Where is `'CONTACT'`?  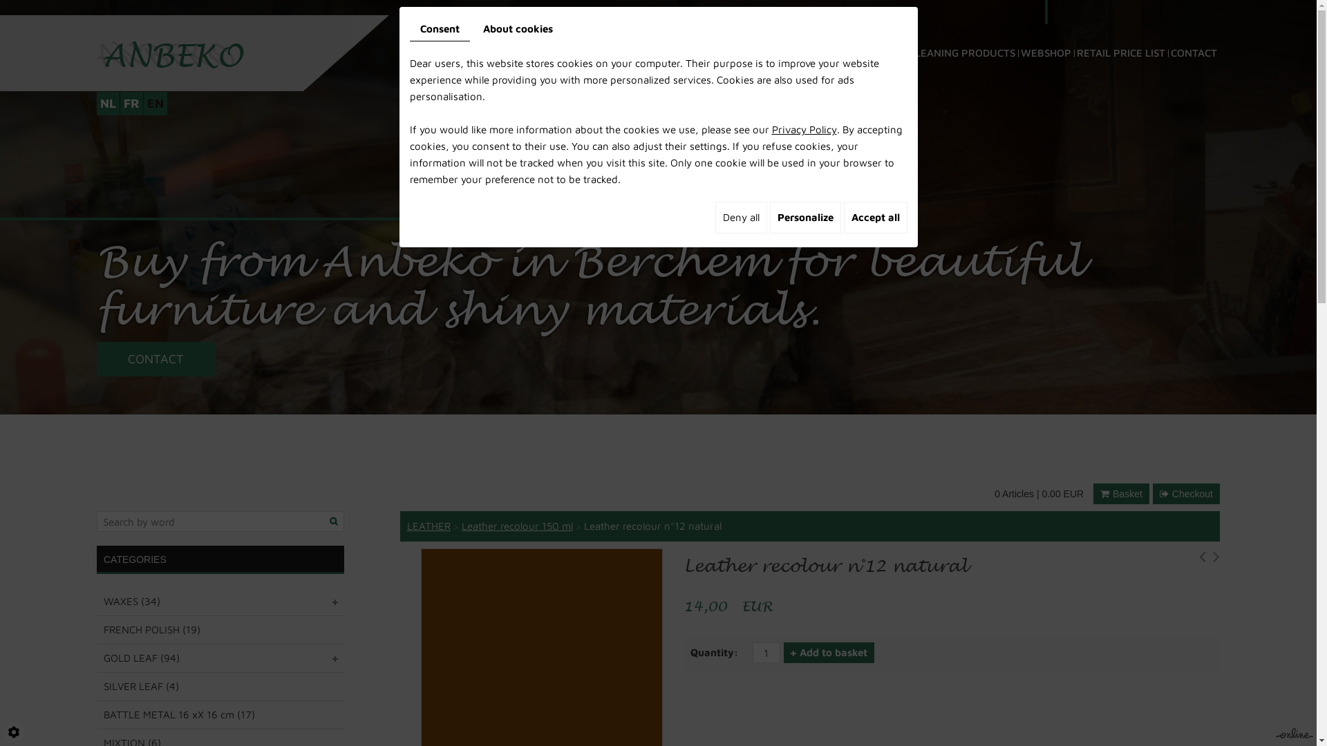
'CONTACT' is located at coordinates (1193, 33).